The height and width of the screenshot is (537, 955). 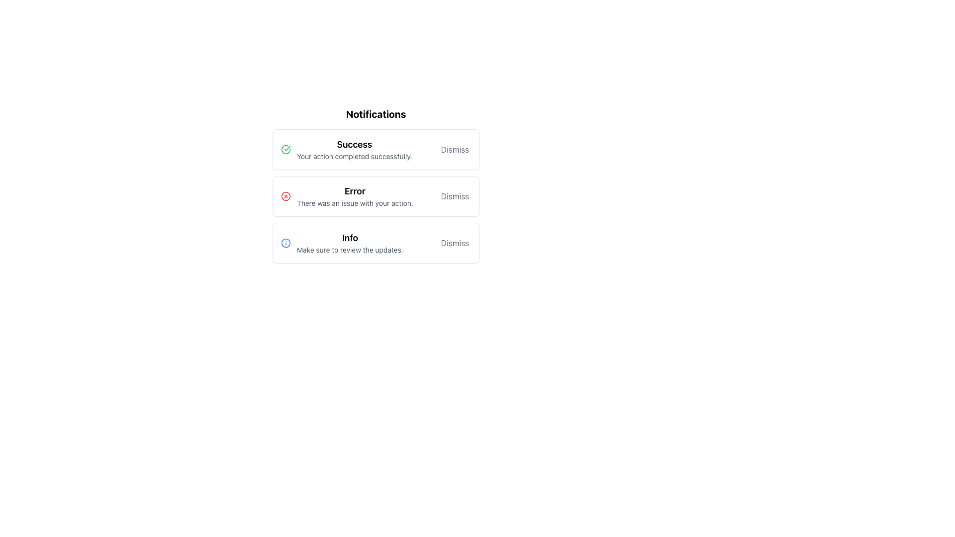 What do you see at coordinates (355, 196) in the screenshot?
I see `text displayed in the error notification text block, which is the second card among the three notifications located centrally in the upper portion of the interface` at bounding box center [355, 196].